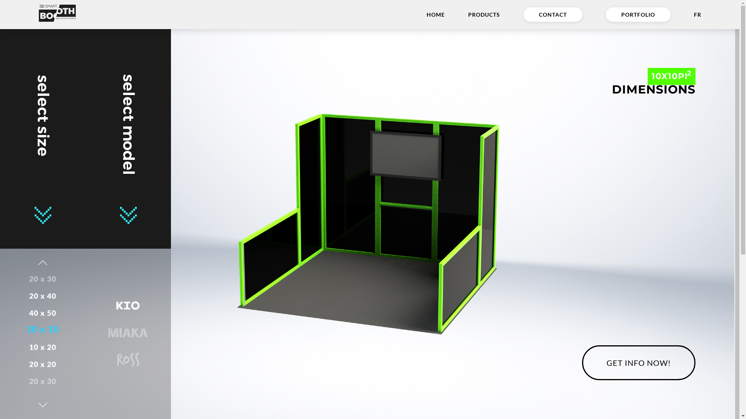  What do you see at coordinates (697, 14) in the screenshot?
I see `'FR'` at bounding box center [697, 14].